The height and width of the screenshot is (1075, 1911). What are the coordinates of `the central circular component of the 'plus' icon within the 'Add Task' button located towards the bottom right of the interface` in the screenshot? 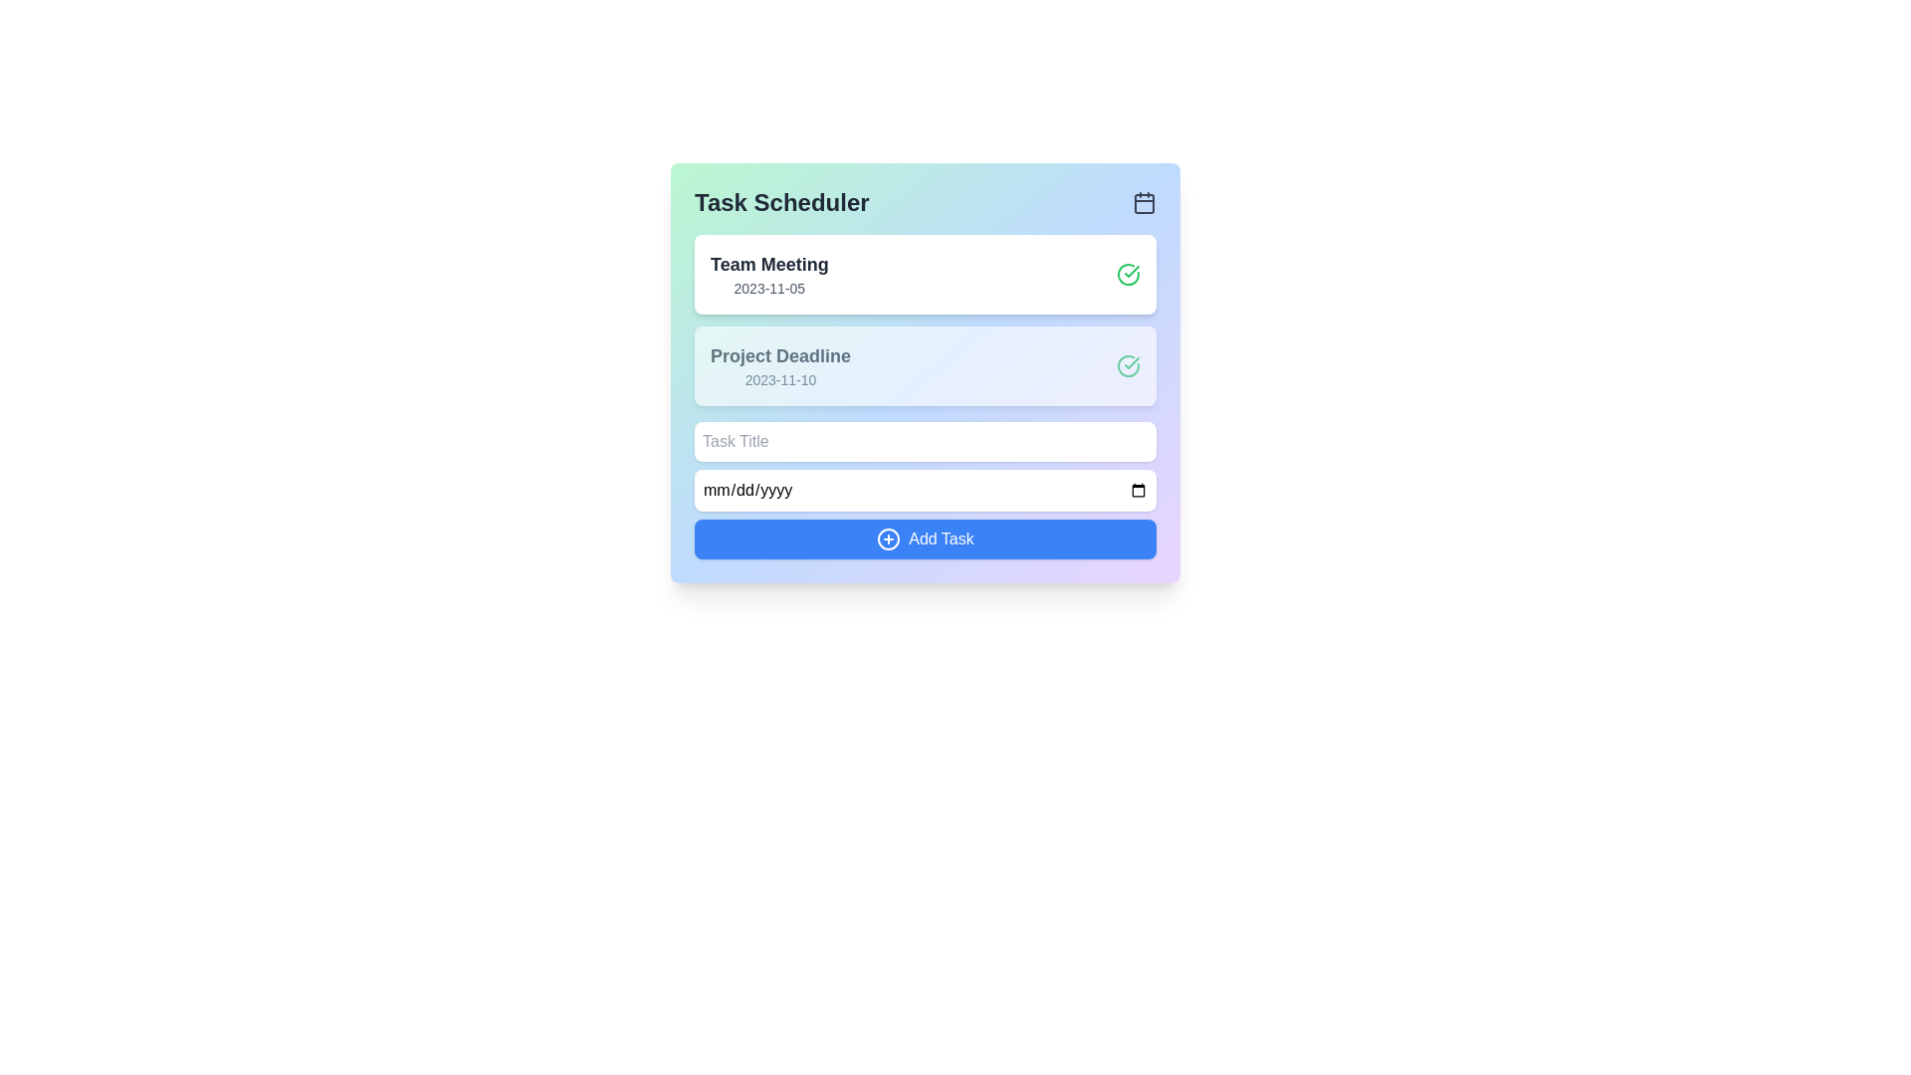 It's located at (888, 539).